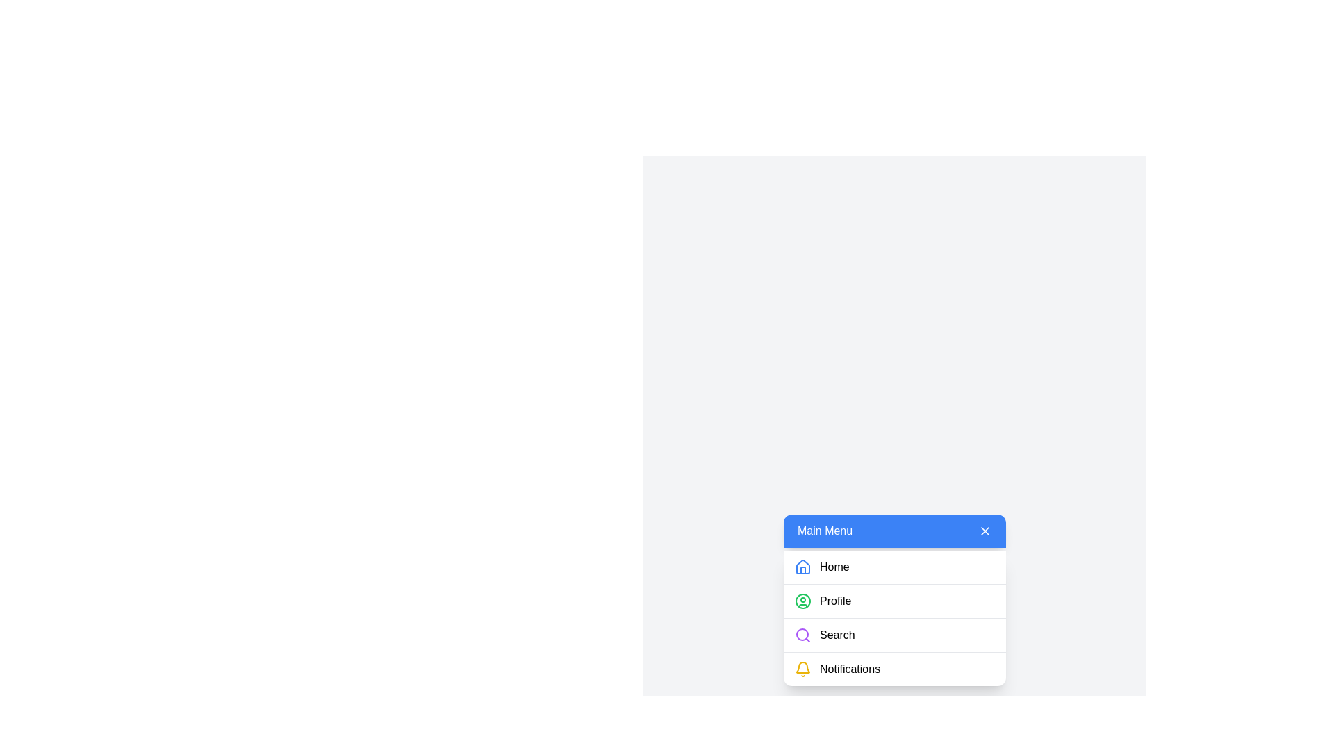 Image resolution: width=1334 pixels, height=750 pixels. Describe the element at coordinates (803, 601) in the screenshot. I see `the circular user icon with a green outline located to the left of the 'Profile' label in the 'Main Menu.'` at that location.